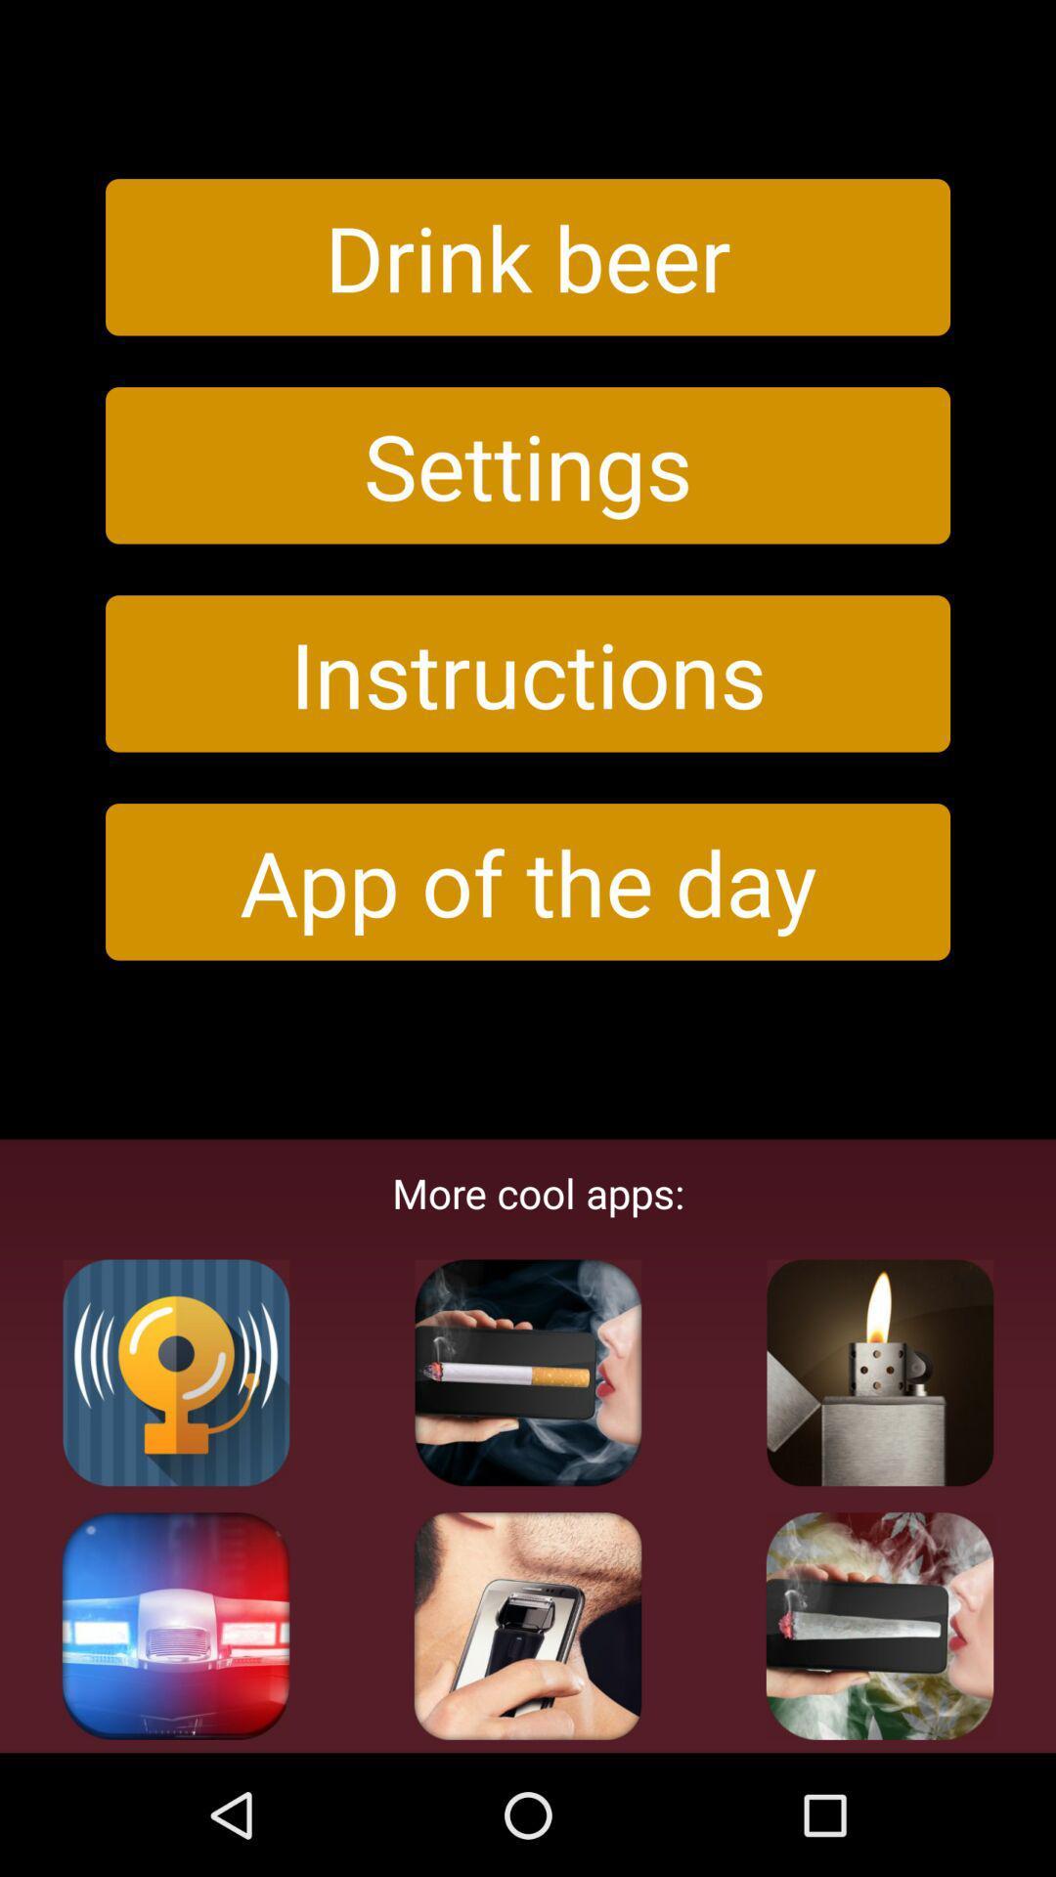  I want to click on the icon below the drink beer, so click(528, 464).